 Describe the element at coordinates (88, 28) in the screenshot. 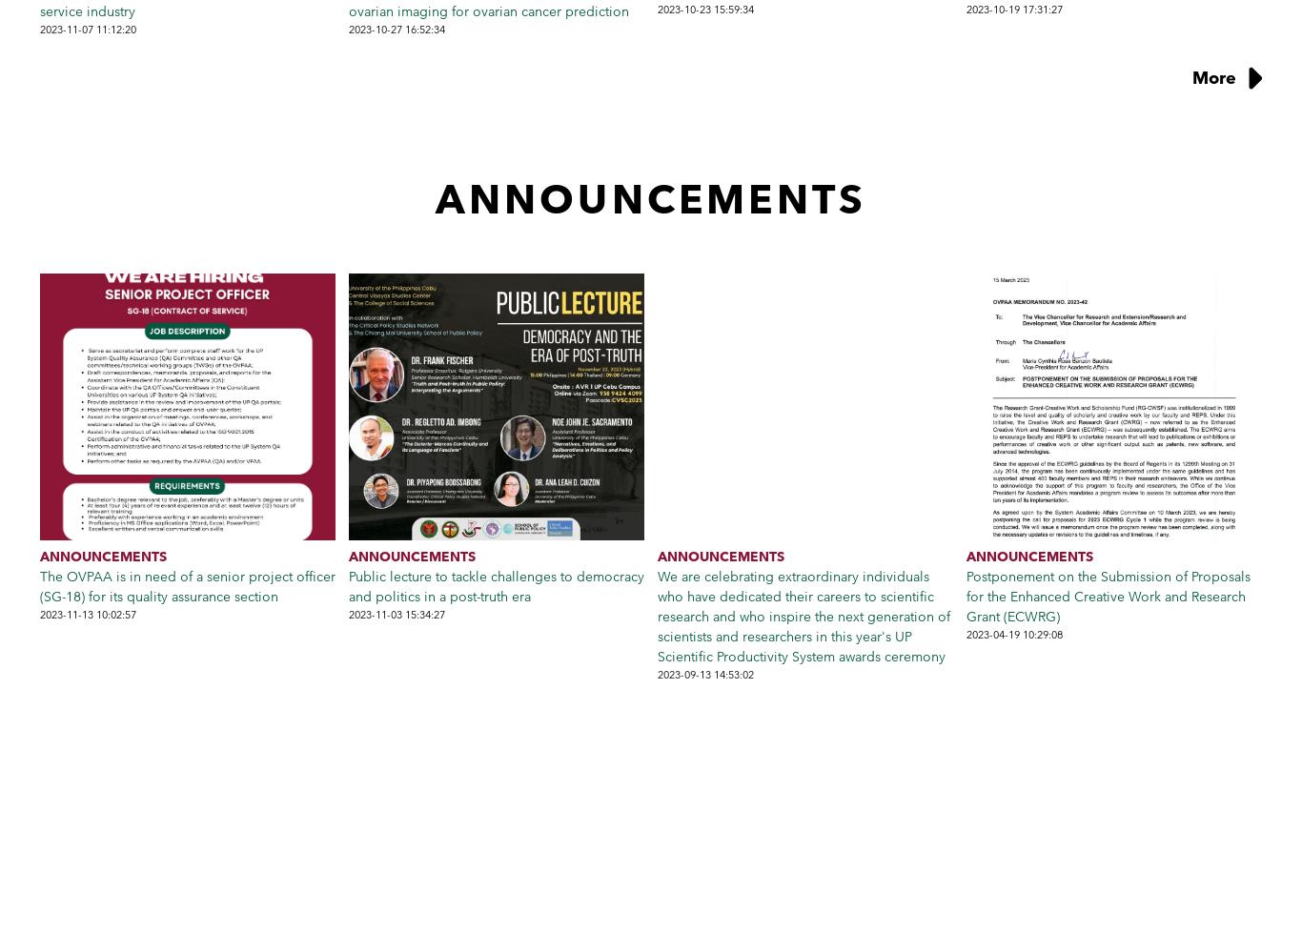

I see `'2023-11-07 11:12:20'` at that location.